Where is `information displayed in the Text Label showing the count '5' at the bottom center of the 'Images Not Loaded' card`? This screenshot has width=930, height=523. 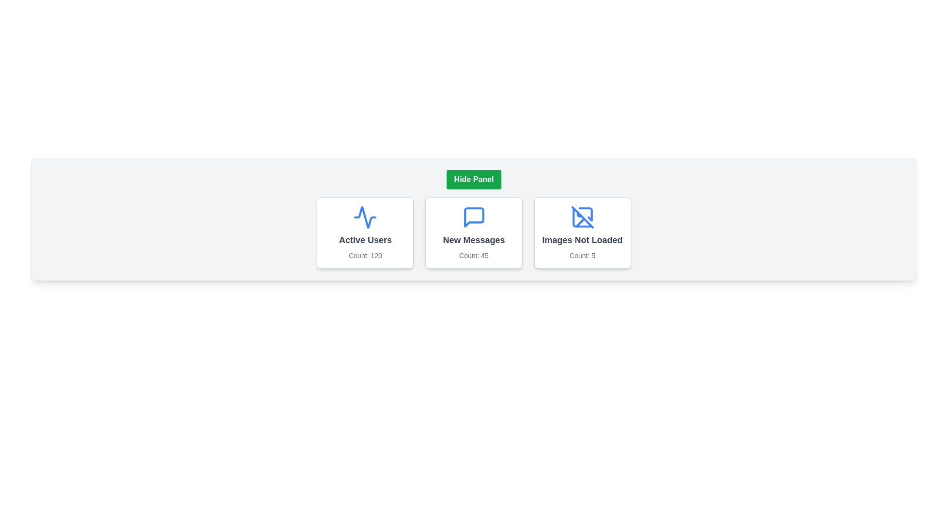
information displayed in the Text Label showing the count '5' at the bottom center of the 'Images Not Loaded' card is located at coordinates (582, 255).